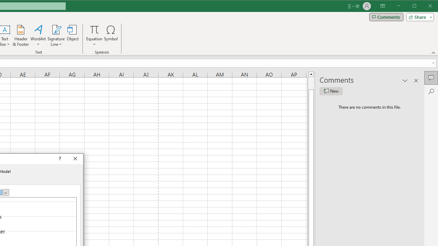 The image size is (438, 246). I want to click on 'Collapse the Ribbon', so click(433, 52).